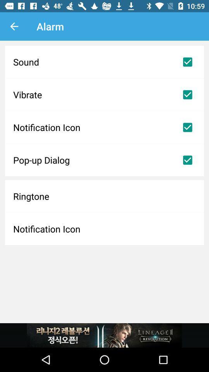 The width and height of the screenshot is (209, 372). Describe the element at coordinates (104, 94) in the screenshot. I see `the vibrate icon` at that location.